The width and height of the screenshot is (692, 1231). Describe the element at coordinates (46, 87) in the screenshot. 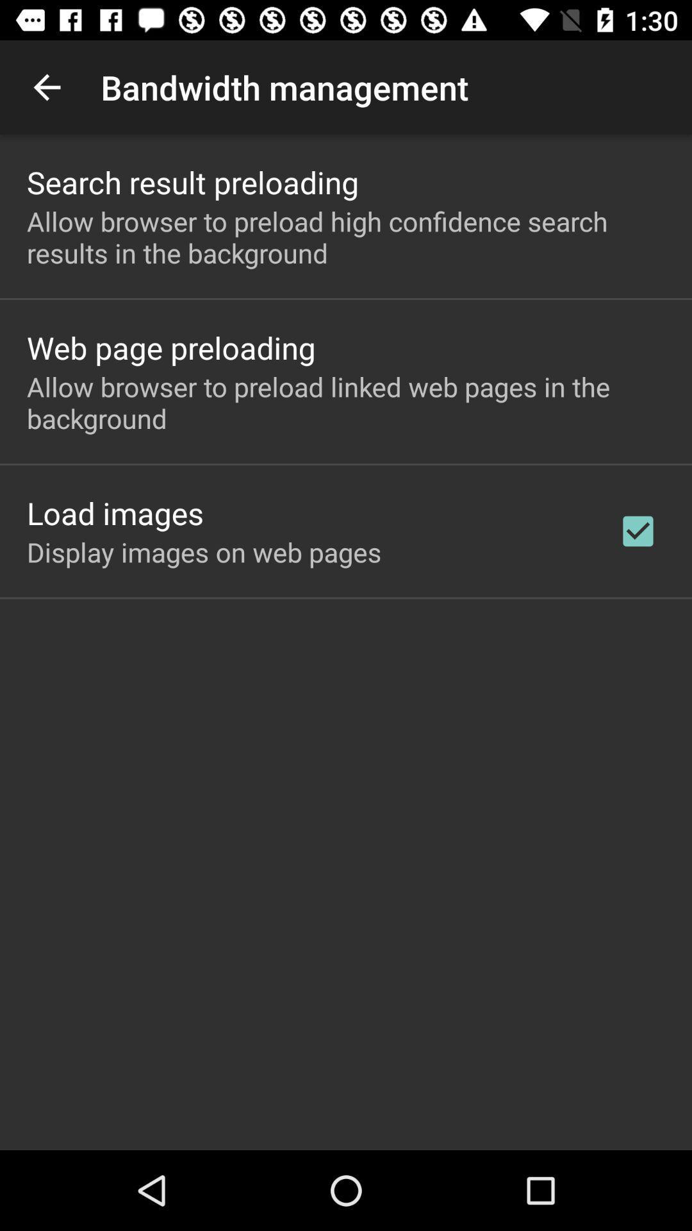

I see `app next to the bandwidth management item` at that location.